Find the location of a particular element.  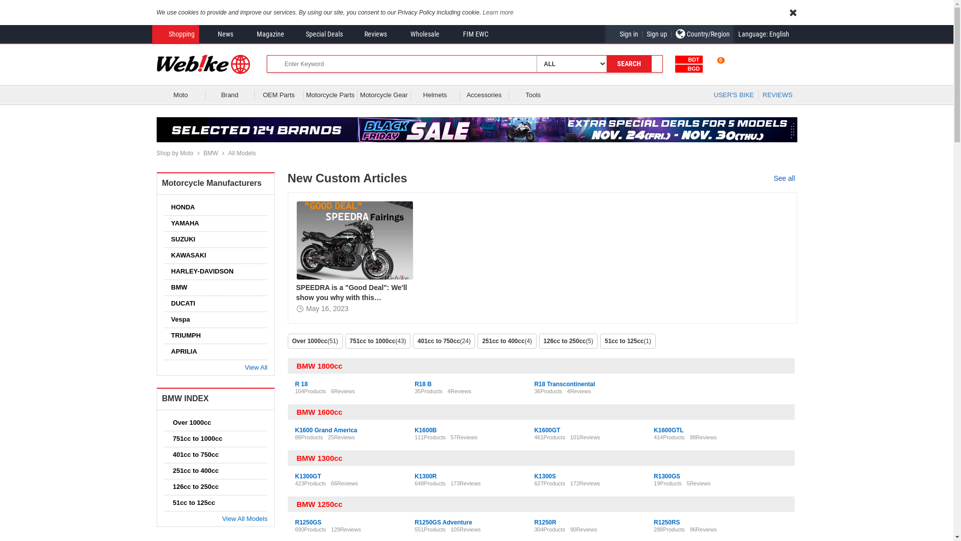

'751cc to 1000cc(43)' is located at coordinates (379, 341).